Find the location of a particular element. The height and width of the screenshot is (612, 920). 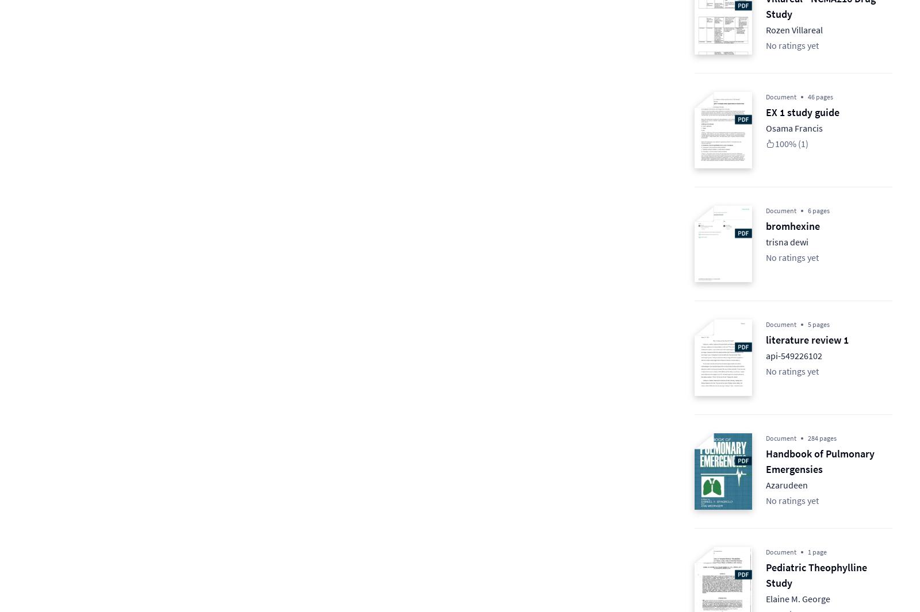

'literature review  1' is located at coordinates (807, 340).